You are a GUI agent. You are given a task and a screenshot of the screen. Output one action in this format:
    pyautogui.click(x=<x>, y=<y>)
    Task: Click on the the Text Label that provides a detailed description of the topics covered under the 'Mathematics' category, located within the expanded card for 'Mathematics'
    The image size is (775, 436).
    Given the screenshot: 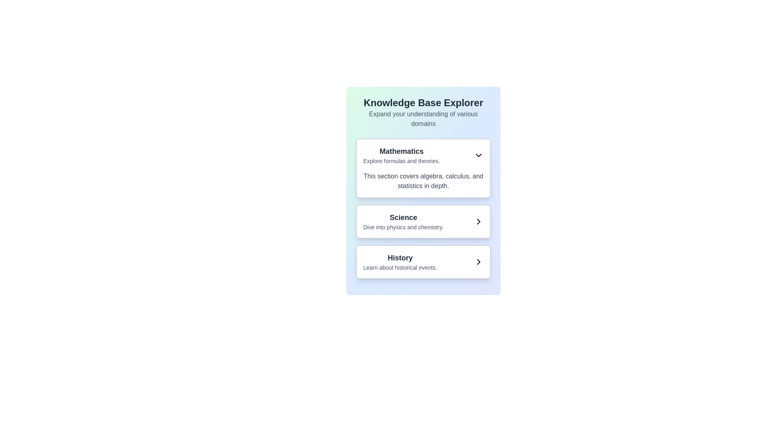 What is the action you would take?
    pyautogui.click(x=423, y=180)
    